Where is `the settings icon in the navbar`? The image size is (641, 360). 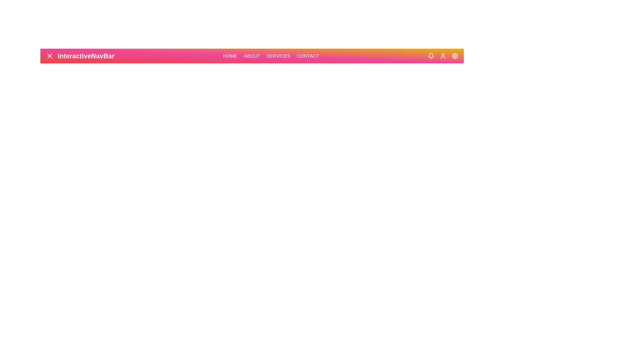
the settings icon in the navbar is located at coordinates (455, 56).